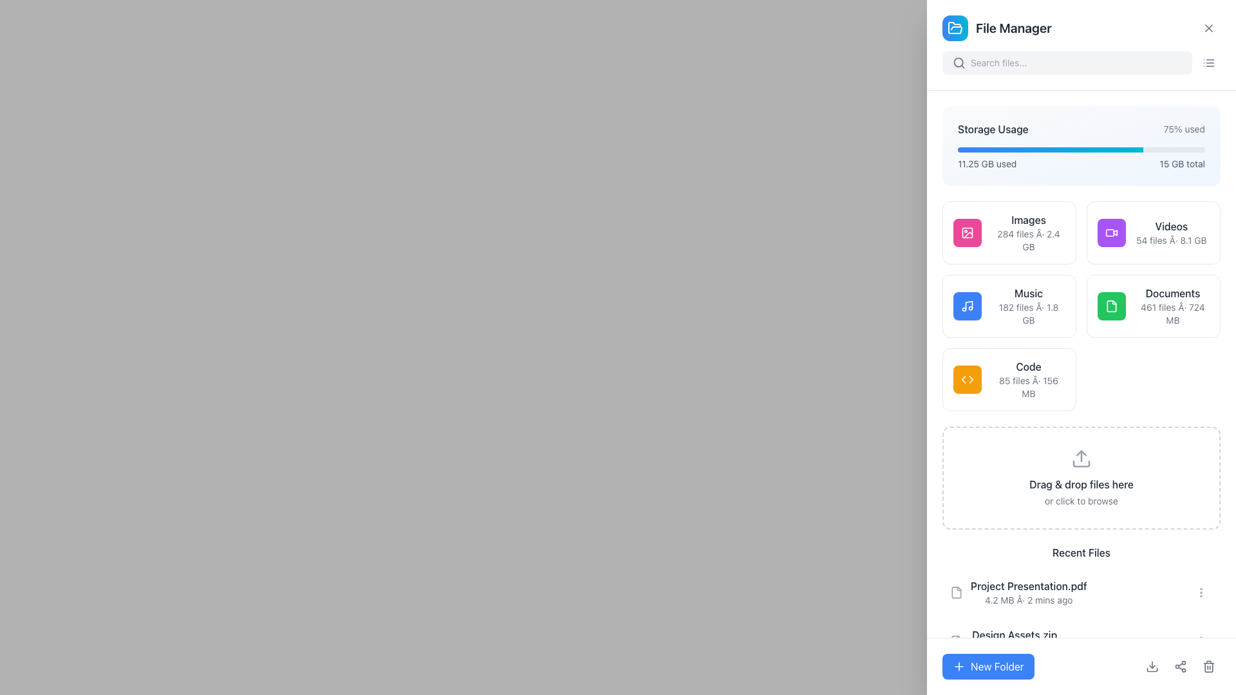 This screenshot has width=1236, height=695. Describe the element at coordinates (1111, 306) in the screenshot. I see `the 'Documents' folder icon, which is the leftmost element in the Documents section of the file manager` at that location.